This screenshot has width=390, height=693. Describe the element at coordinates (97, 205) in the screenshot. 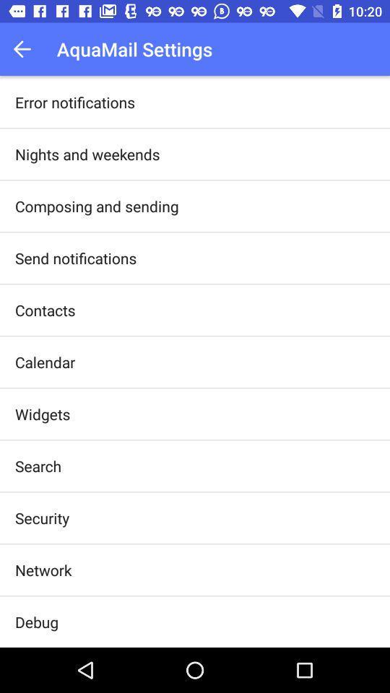

I see `app below nights and weekends` at that location.